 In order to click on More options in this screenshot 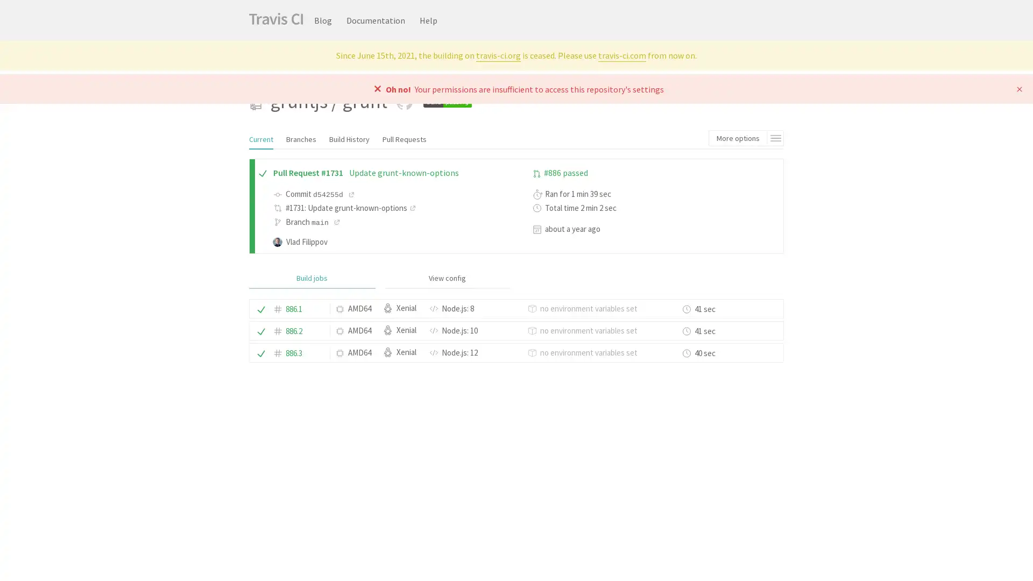, I will do `click(746, 137)`.